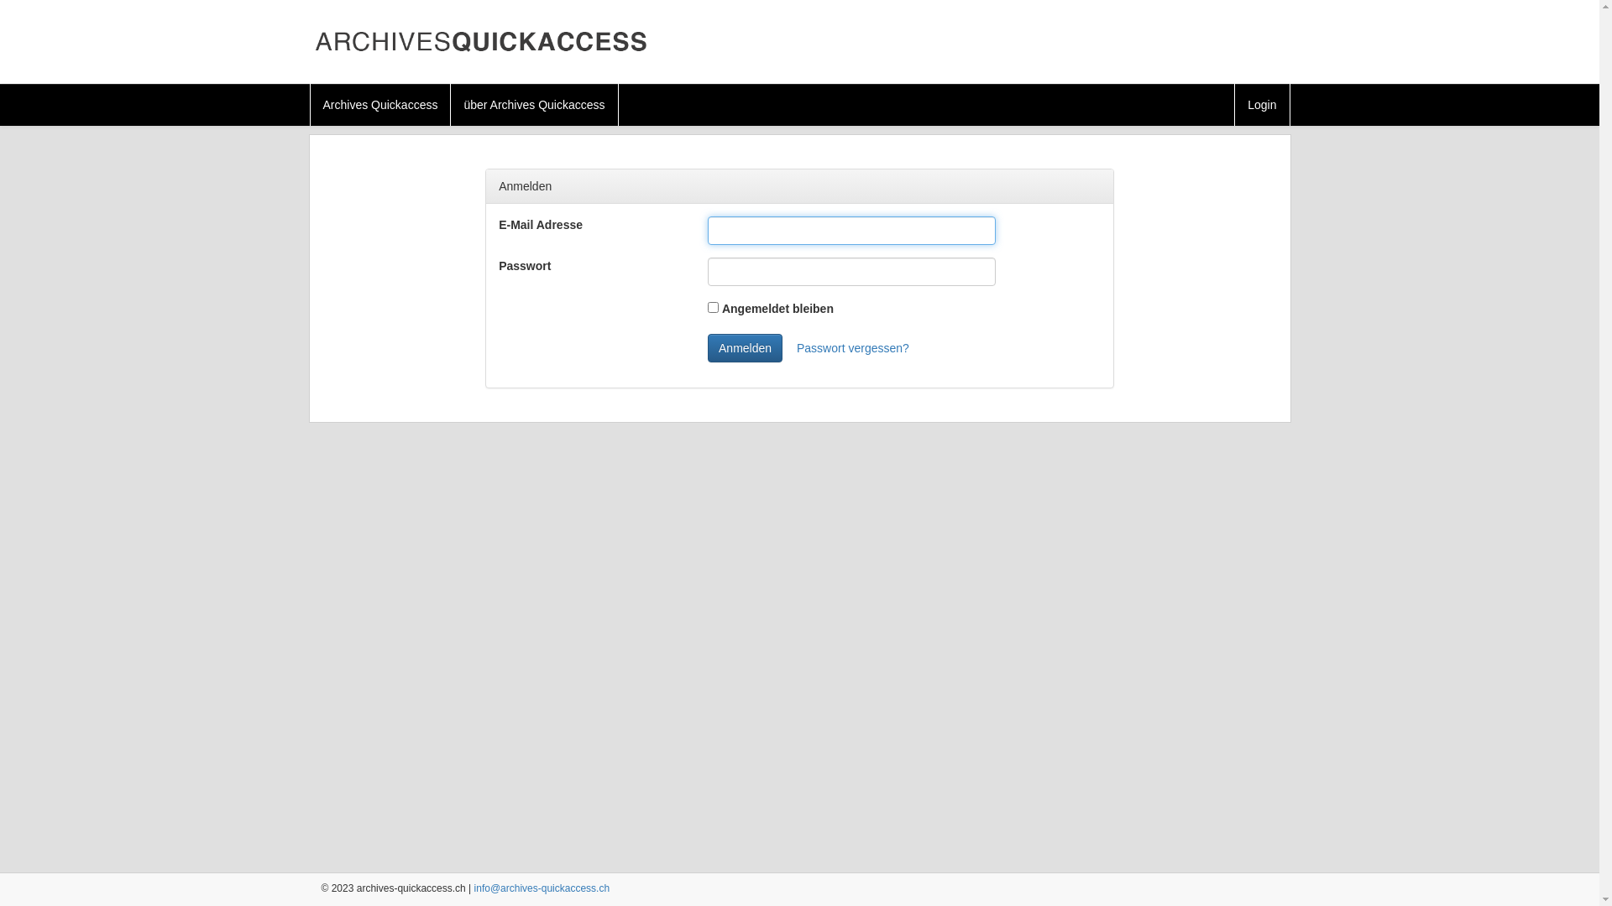  Describe the element at coordinates (853, 347) in the screenshot. I see `'Passwort vergessen?'` at that location.